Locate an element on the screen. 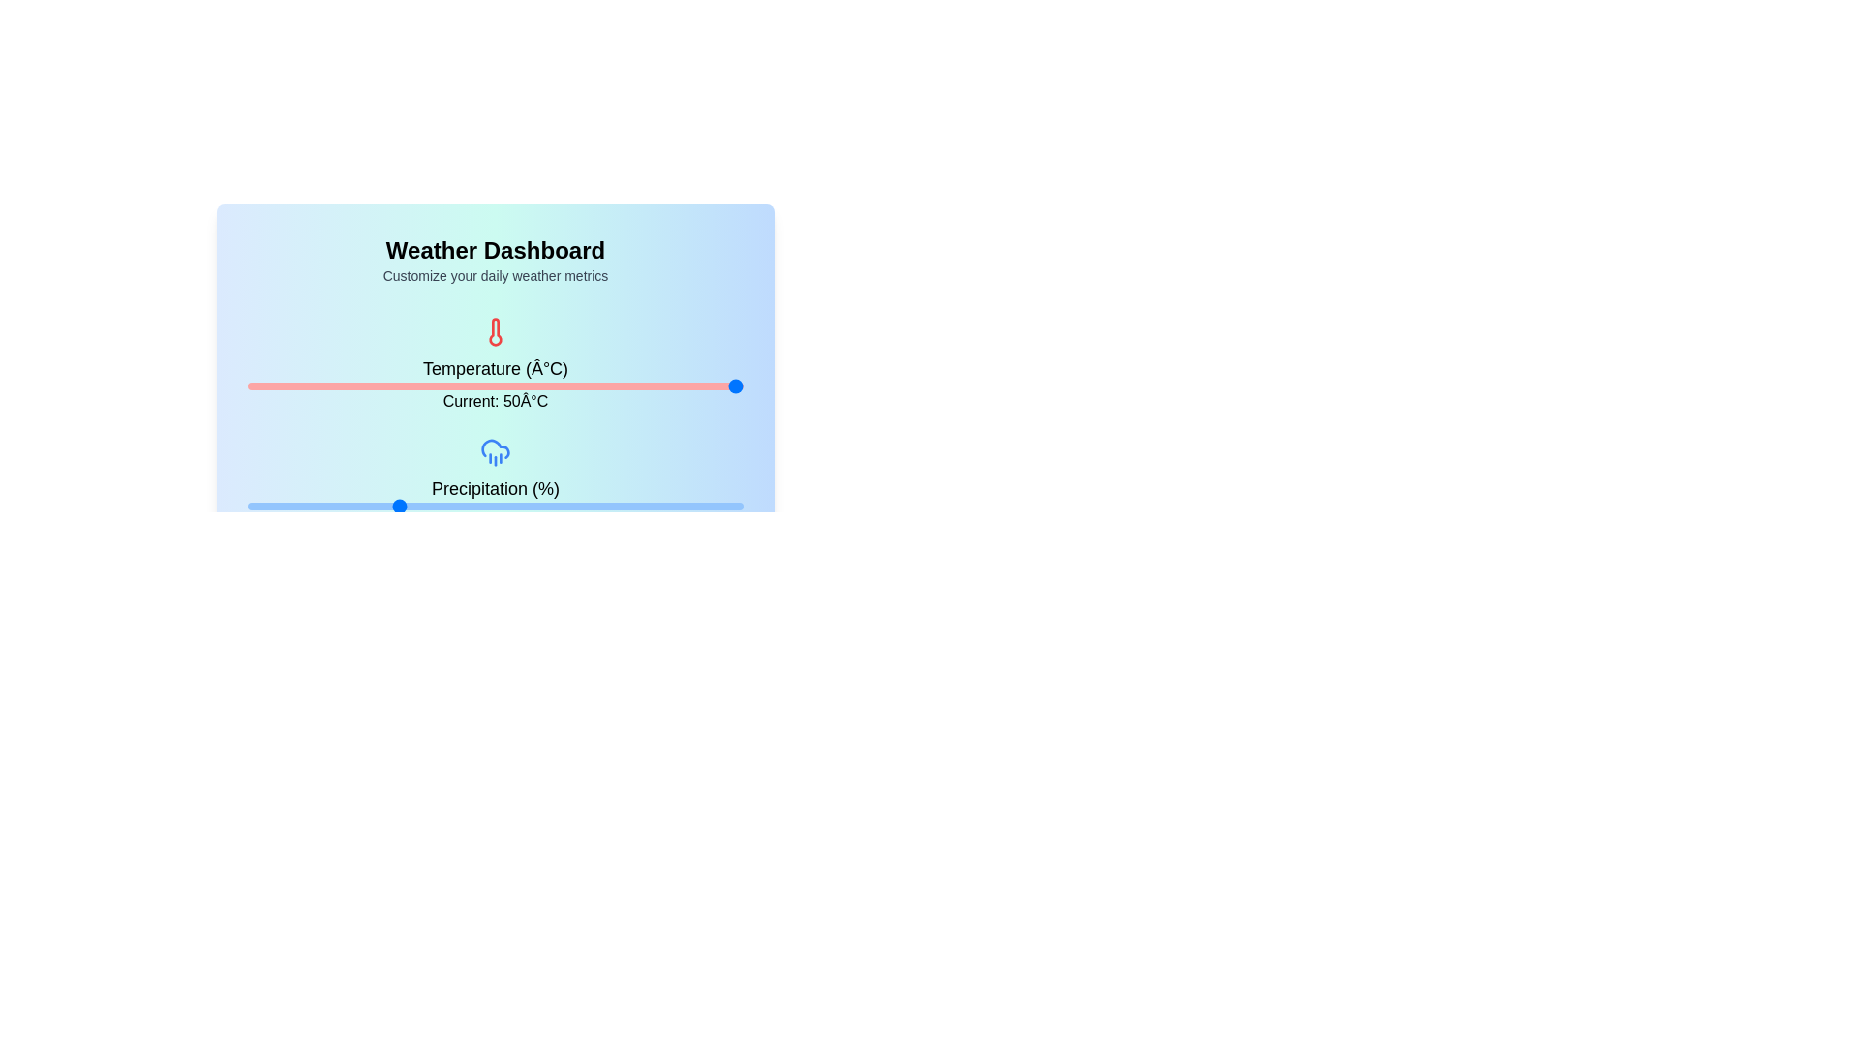 The image size is (1859, 1046). precipitation is located at coordinates (381, 506).